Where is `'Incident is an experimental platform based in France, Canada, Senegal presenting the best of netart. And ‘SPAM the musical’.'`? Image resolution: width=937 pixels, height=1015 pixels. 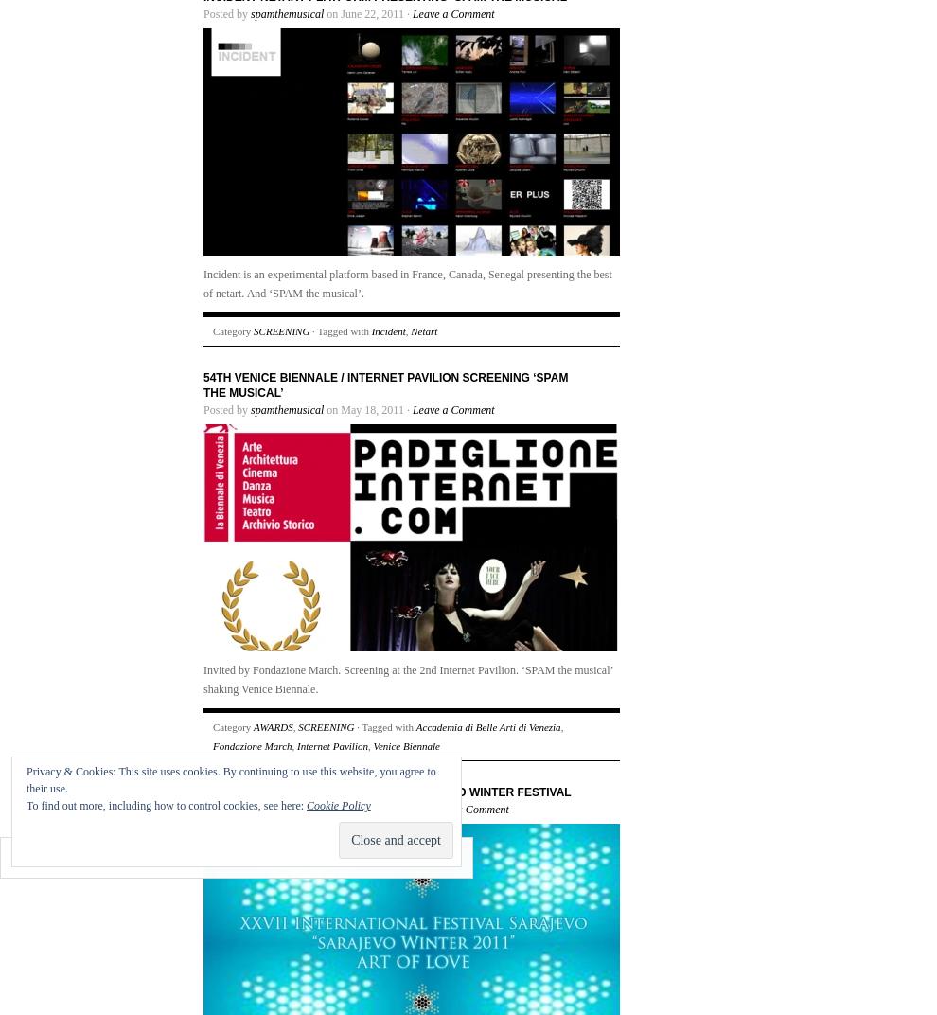 'Incident is an experimental platform based in France, Canada, Senegal presenting the best of netart. And ‘SPAM the musical’.' is located at coordinates (406, 283).